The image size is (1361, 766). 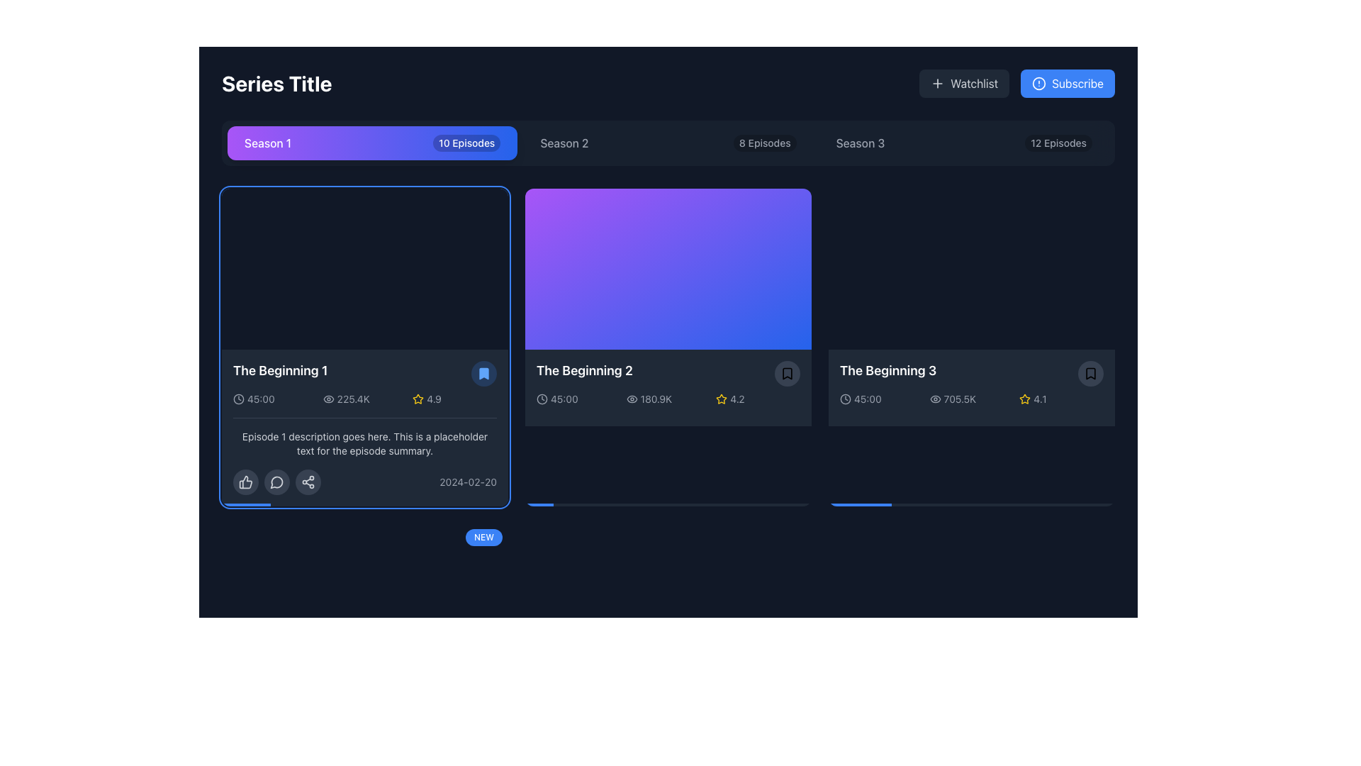 I want to click on the Text Label that reads 'The Beginning 2', so click(x=584, y=370).